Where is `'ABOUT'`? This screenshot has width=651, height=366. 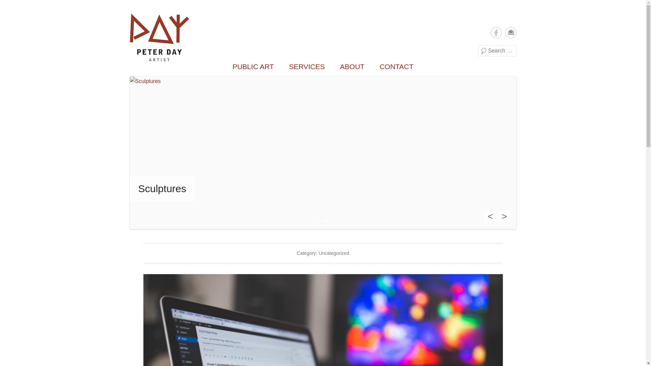
'ABOUT' is located at coordinates (352, 66).